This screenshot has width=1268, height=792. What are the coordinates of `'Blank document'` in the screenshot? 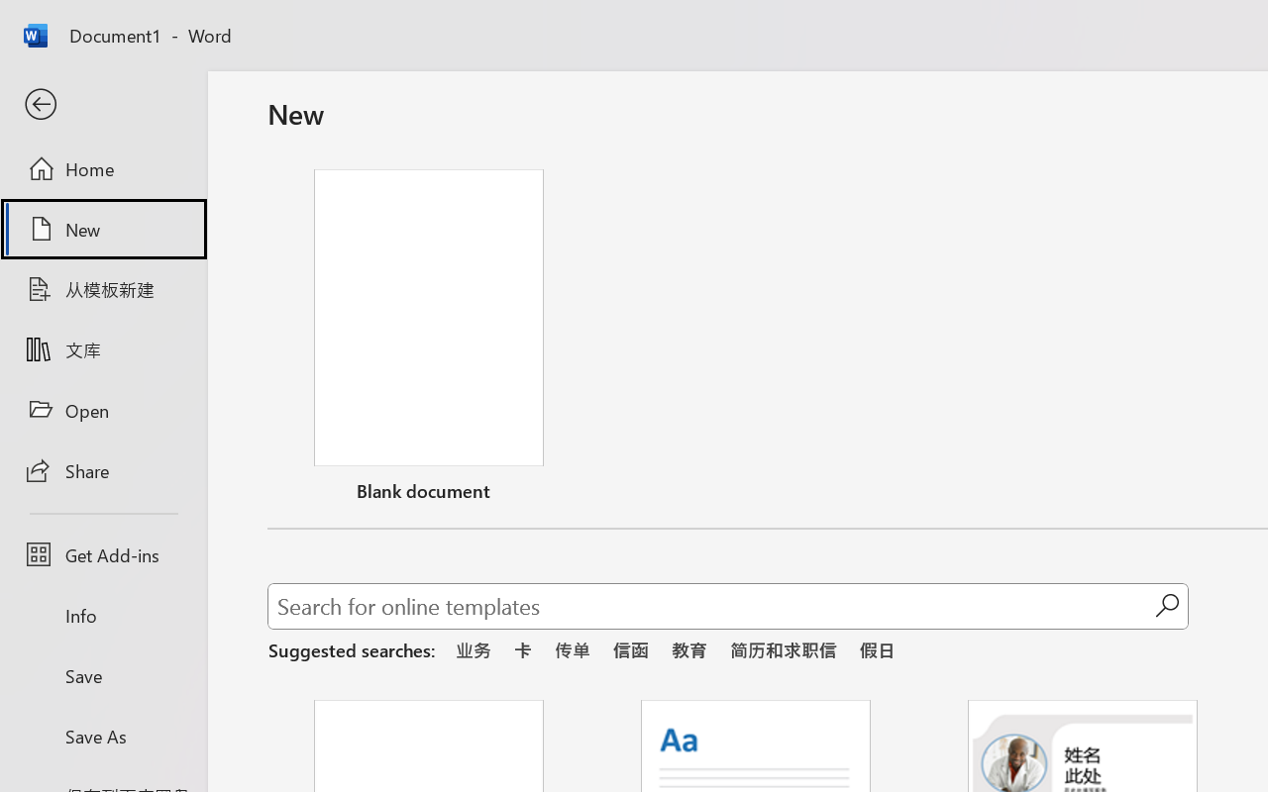 It's located at (428, 340).